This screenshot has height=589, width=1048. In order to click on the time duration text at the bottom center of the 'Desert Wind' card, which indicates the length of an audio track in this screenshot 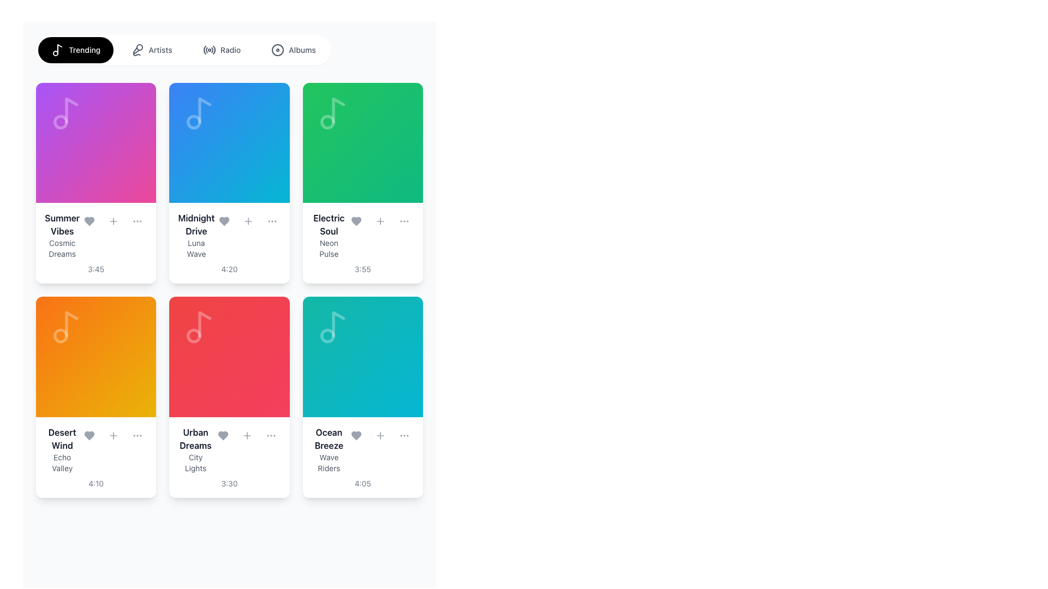, I will do `click(96, 483)`.